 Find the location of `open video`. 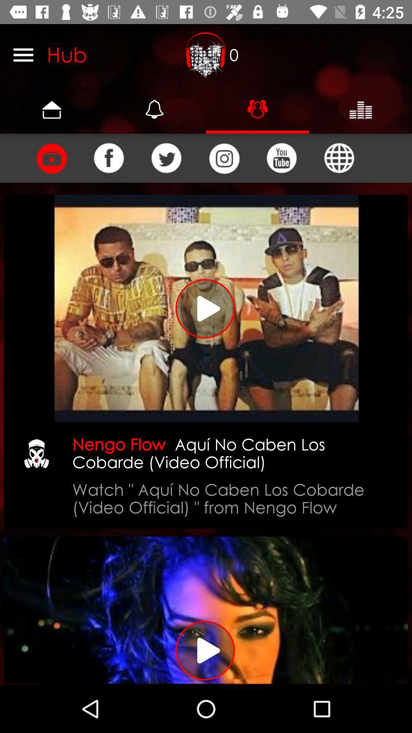

open video is located at coordinates (206, 610).